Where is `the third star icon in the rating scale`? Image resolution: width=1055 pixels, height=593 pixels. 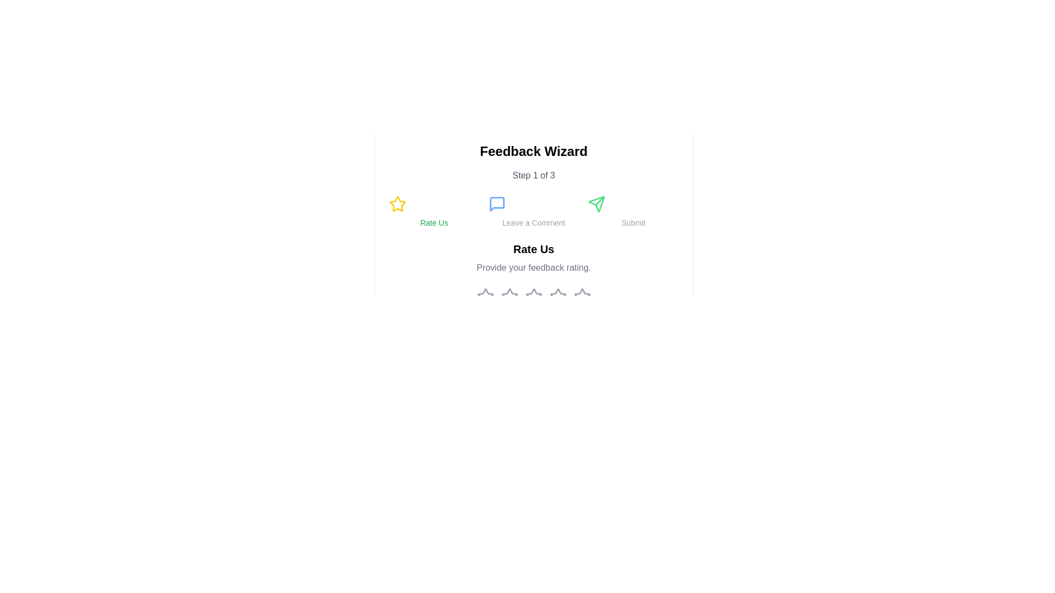 the third star icon in the rating scale is located at coordinates (509, 296).